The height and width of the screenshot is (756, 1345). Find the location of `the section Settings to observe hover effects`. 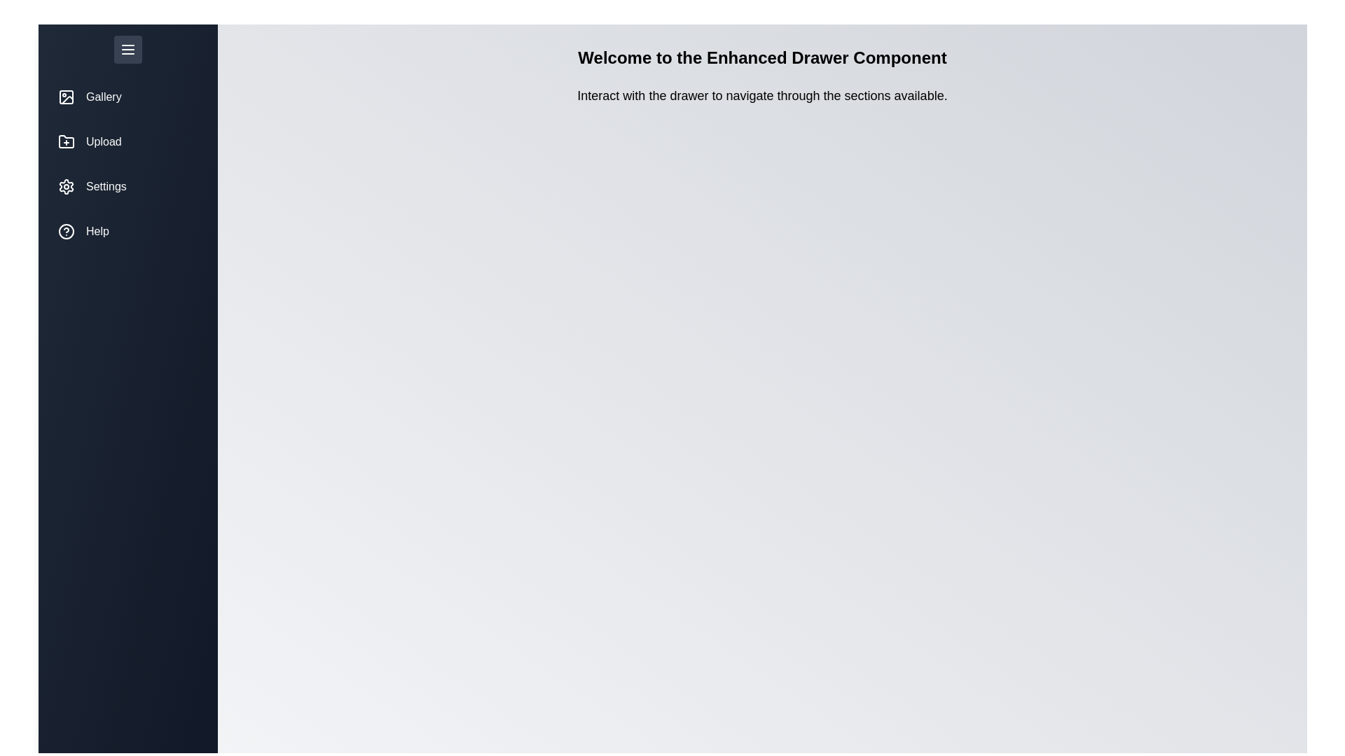

the section Settings to observe hover effects is located at coordinates (127, 185).